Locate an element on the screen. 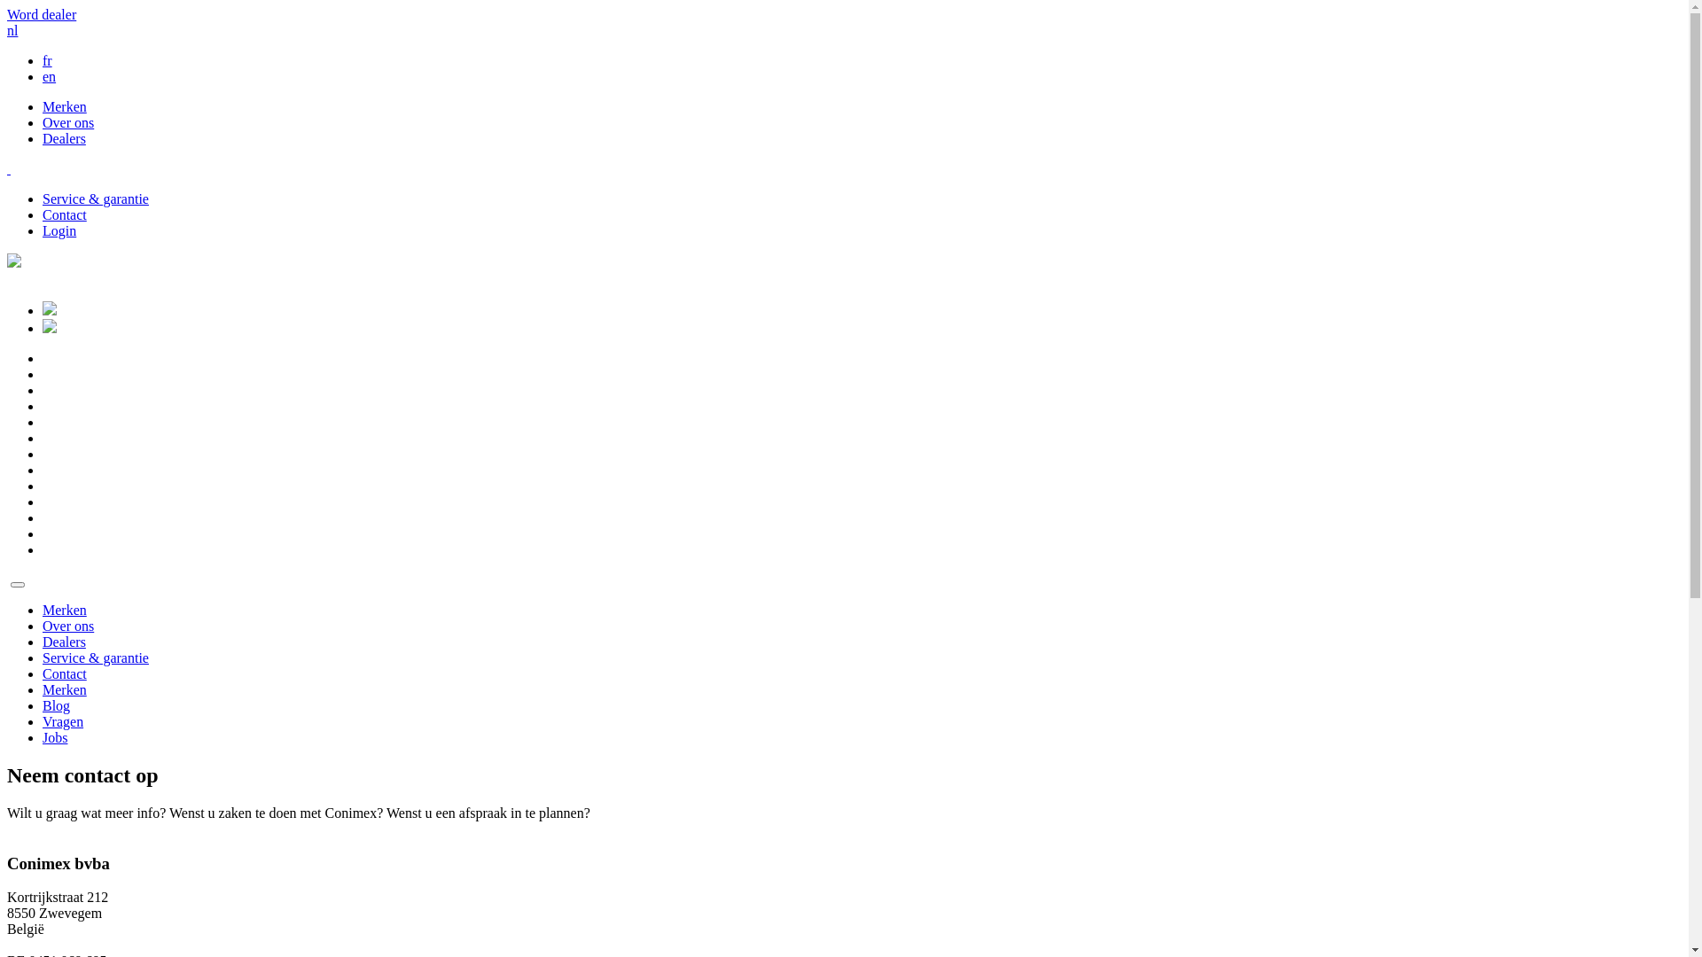 The width and height of the screenshot is (1702, 957). 'Dealers' is located at coordinates (43, 642).